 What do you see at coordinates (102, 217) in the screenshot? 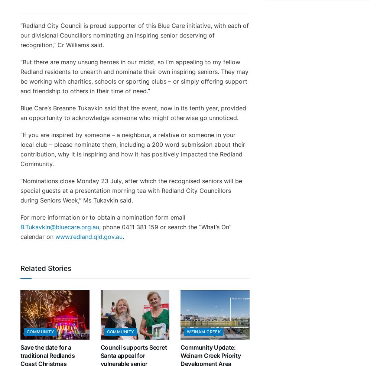
I see `'For more information or to obtain a nomination form email'` at bounding box center [102, 217].